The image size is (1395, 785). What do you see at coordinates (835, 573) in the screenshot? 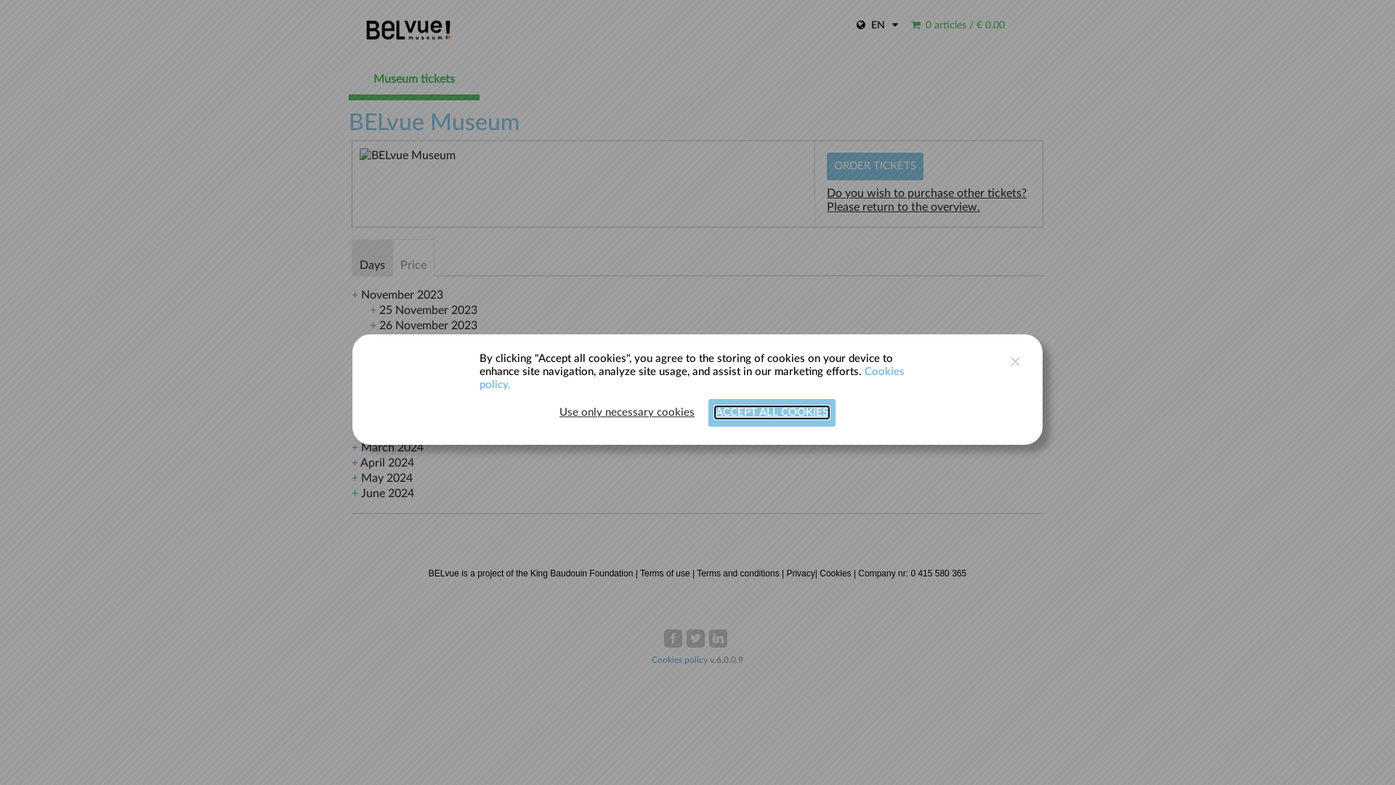
I see `'Cookies'` at bounding box center [835, 573].